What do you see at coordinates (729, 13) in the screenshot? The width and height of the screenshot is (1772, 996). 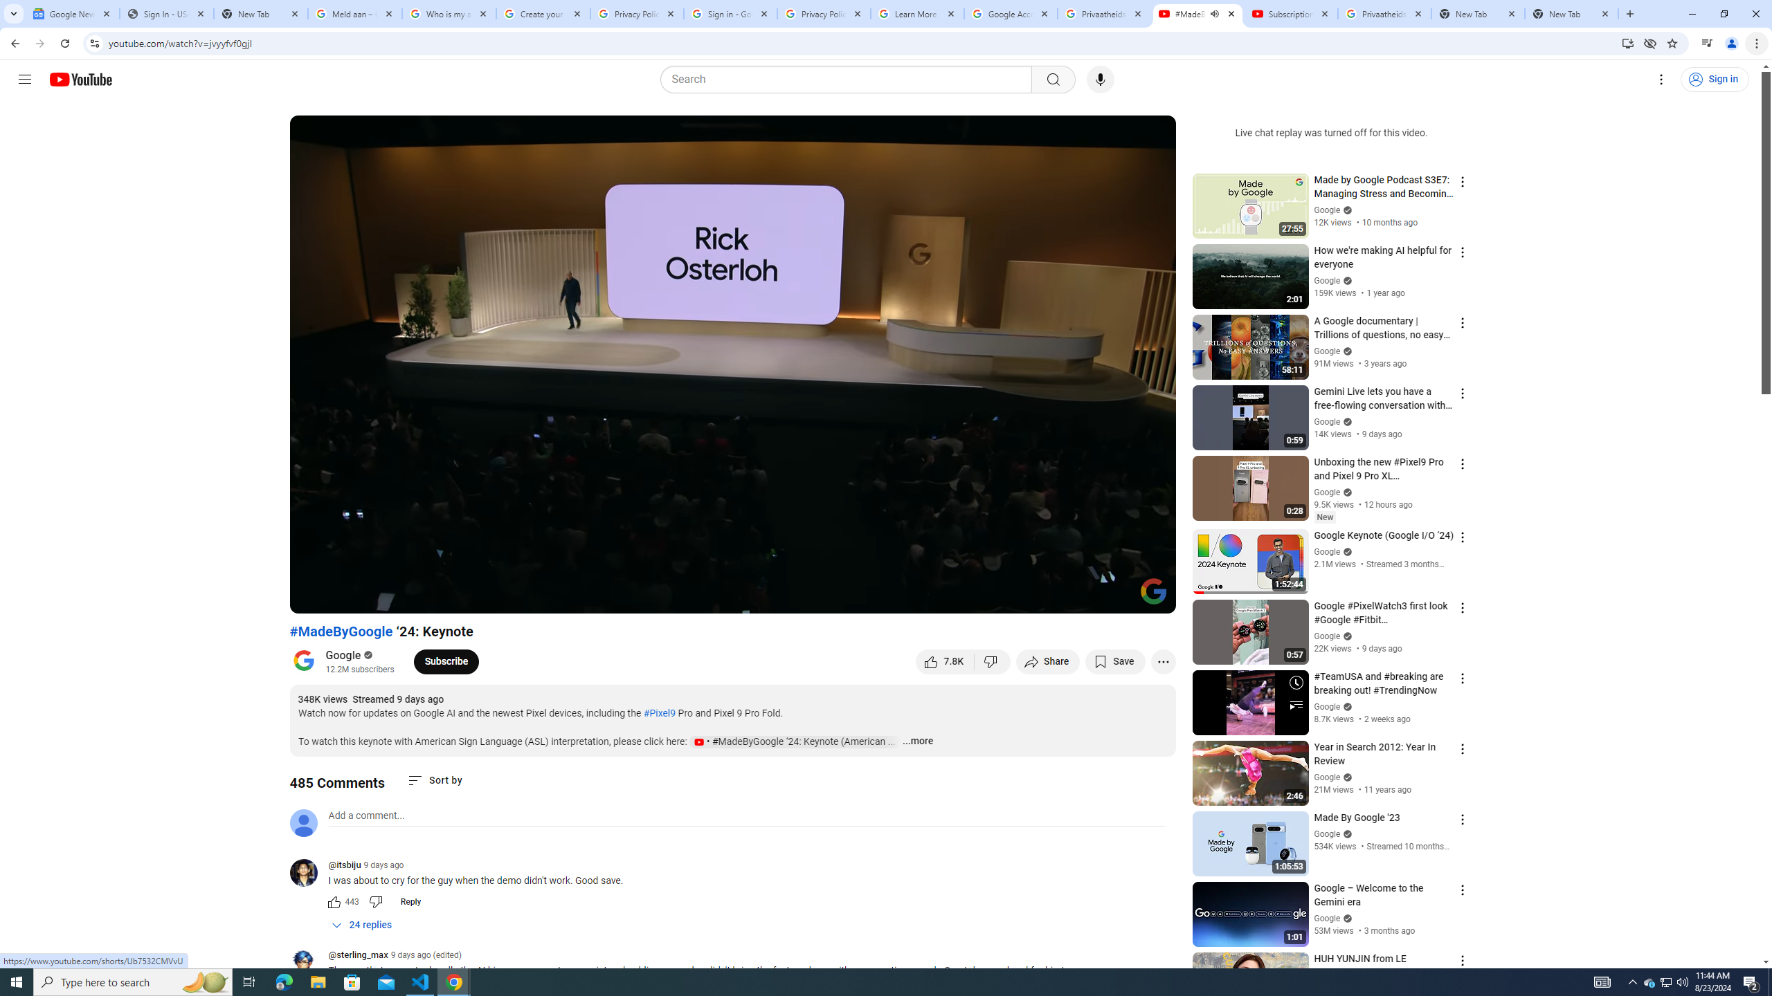 I see `'Sign in - Google Accounts'` at bounding box center [729, 13].